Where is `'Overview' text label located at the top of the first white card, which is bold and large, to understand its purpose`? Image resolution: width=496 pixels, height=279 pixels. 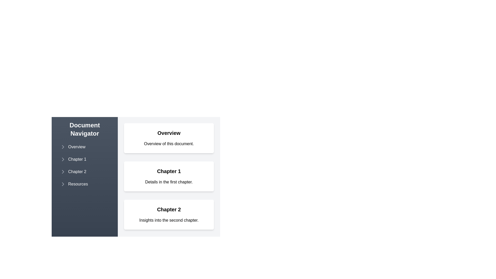 'Overview' text label located at the top of the first white card, which is bold and large, to understand its purpose is located at coordinates (169, 133).